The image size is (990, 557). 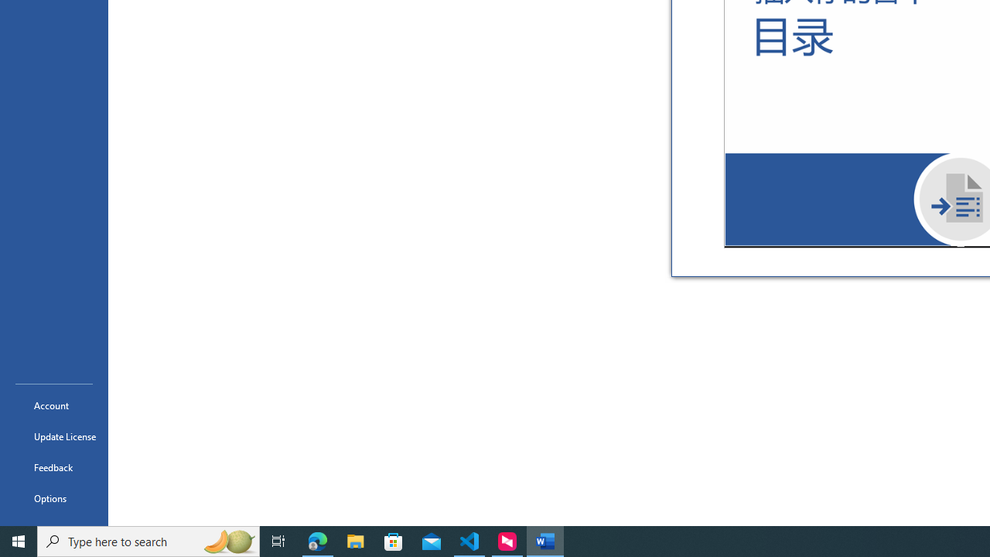 What do you see at coordinates (317, 540) in the screenshot?
I see `'Microsoft Edge - 1 running window'` at bounding box center [317, 540].